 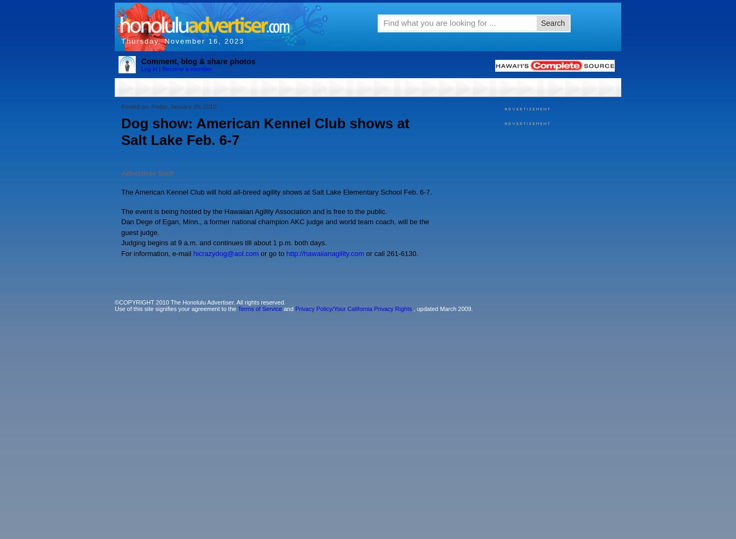 What do you see at coordinates (120, 211) in the screenshot?
I see `'The event is being hosted by the Hawaiian Agility Association and is free to the public.'` at bounding box center [120, 211].